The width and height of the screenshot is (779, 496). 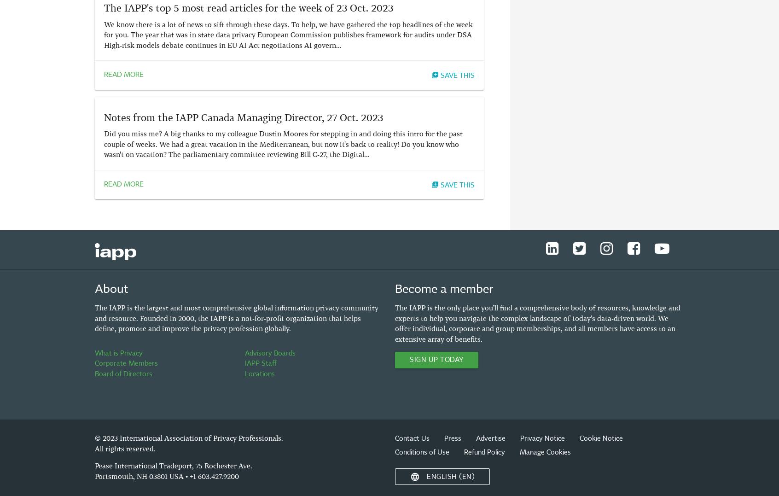 What do you see at coordinates (237, 318) in the screenshot?
I see `'The IAPP is the largest and most comprehensive global information privacy community and resource. Founded in 2000, the IAPP is a not-for-profit organization that helps define, promote and improve the privacy profession globally.'` at bounding box center [237, 318].